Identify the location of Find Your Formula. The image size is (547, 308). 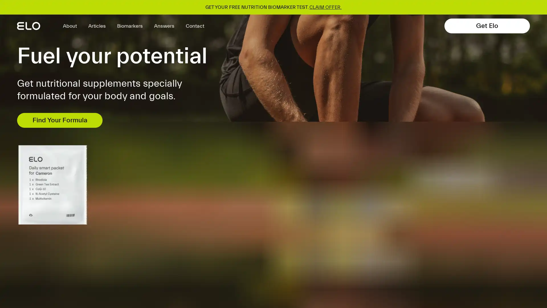
(60, 120).